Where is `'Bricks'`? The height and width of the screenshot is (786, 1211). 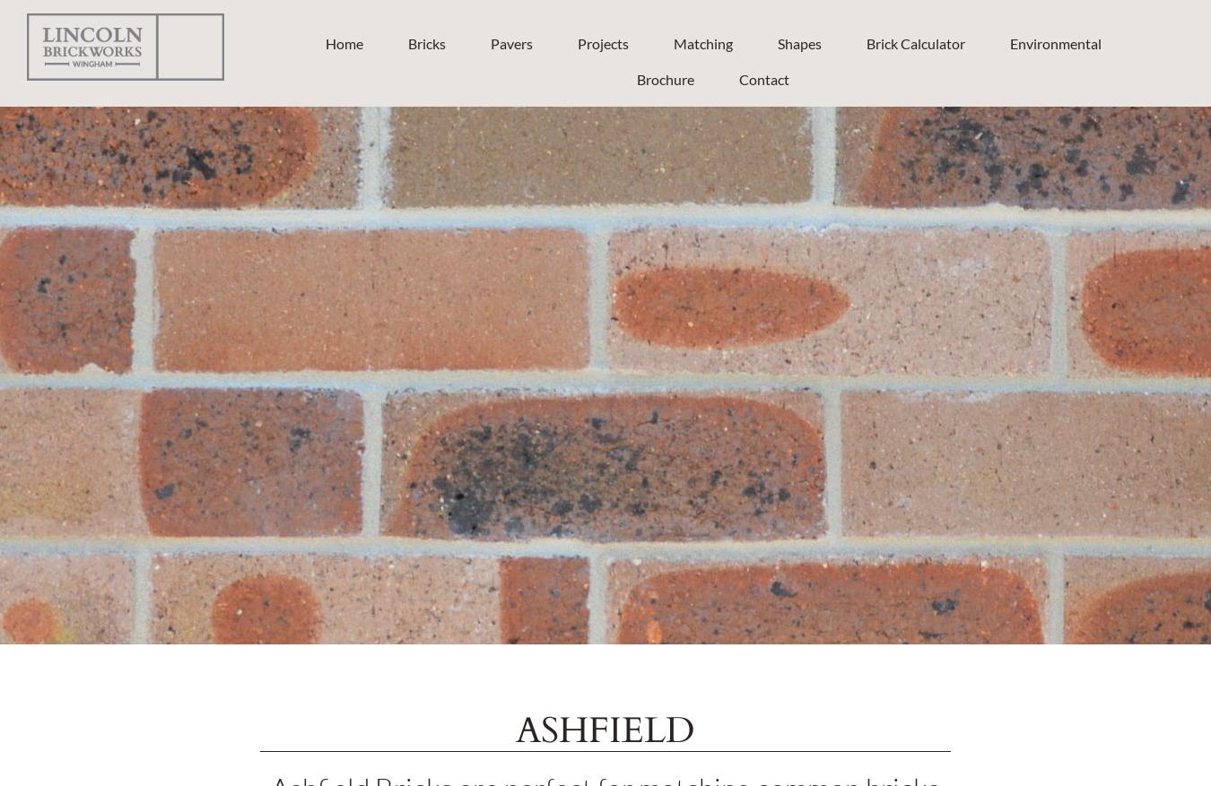 'Bricks' is located at coordinates (425, 42).